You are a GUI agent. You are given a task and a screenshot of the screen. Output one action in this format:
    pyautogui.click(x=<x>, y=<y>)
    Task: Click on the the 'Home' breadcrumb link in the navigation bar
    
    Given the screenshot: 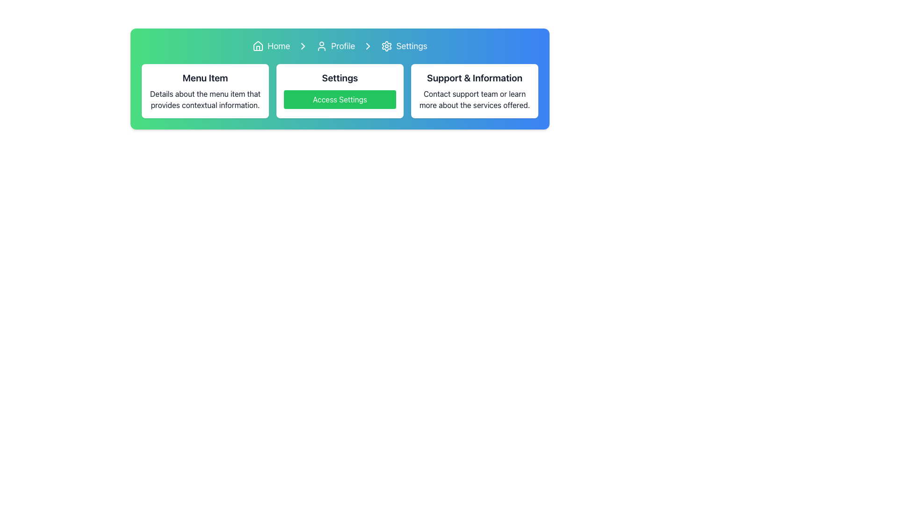 What is the action you would take?
    pyautogui.click(x=271, y=46)
    